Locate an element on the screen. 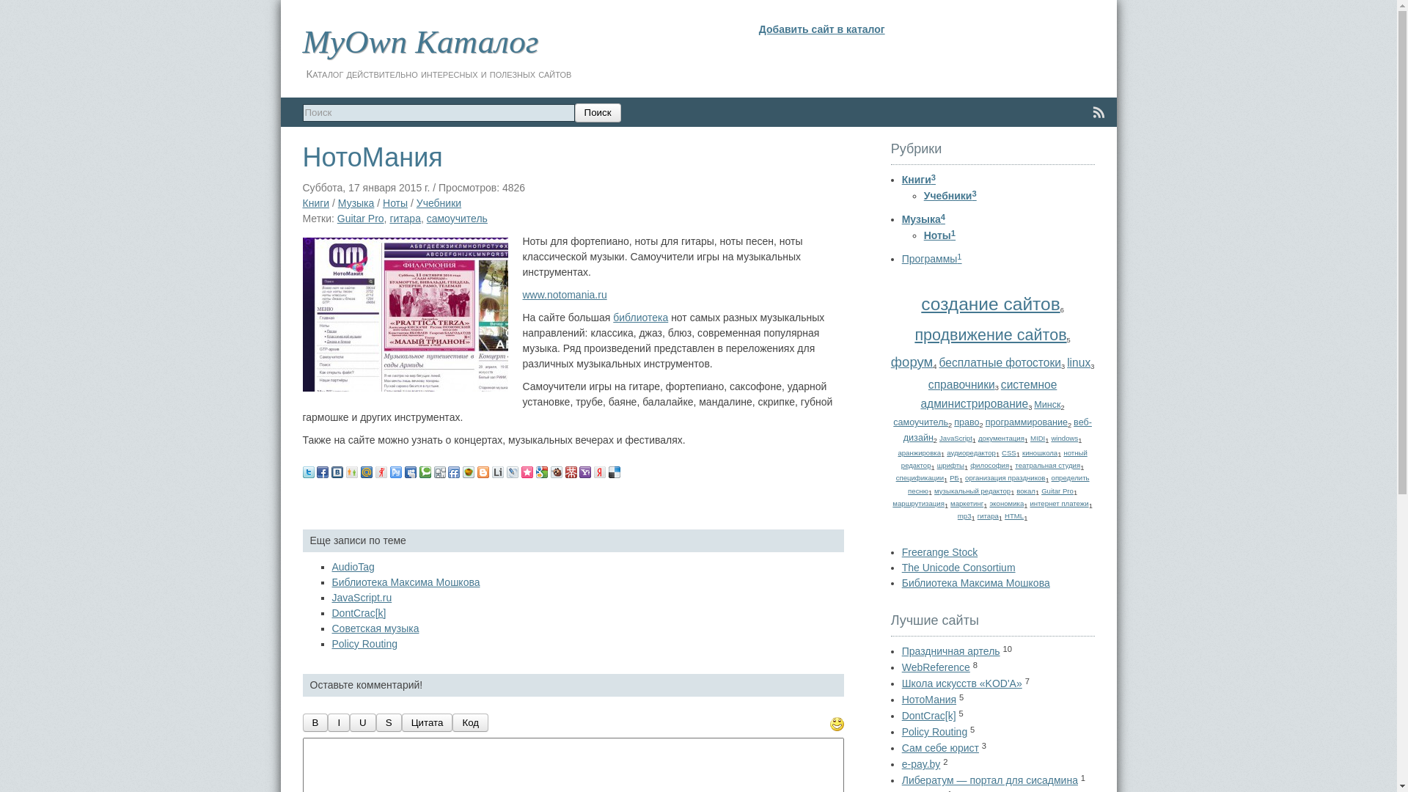 The image size is (1408, 792). 'linux' is located at coordinates (1066, 362).